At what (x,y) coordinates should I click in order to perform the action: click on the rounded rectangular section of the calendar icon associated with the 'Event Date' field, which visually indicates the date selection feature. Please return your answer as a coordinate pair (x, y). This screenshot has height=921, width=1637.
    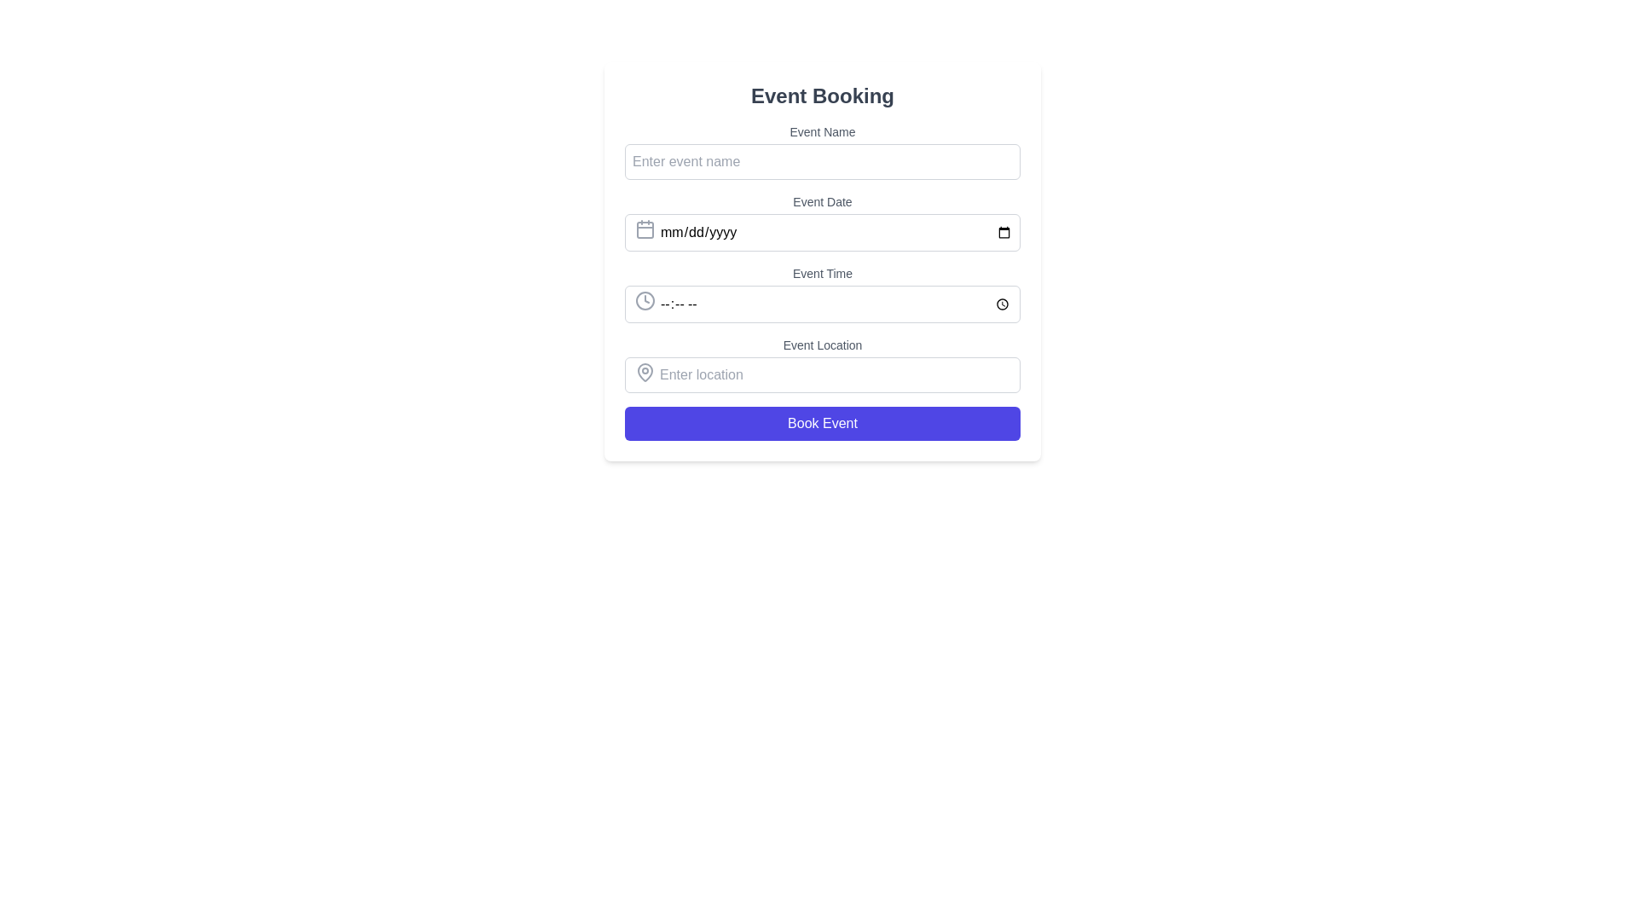
    Looking at the image, I should click on (645, 230).